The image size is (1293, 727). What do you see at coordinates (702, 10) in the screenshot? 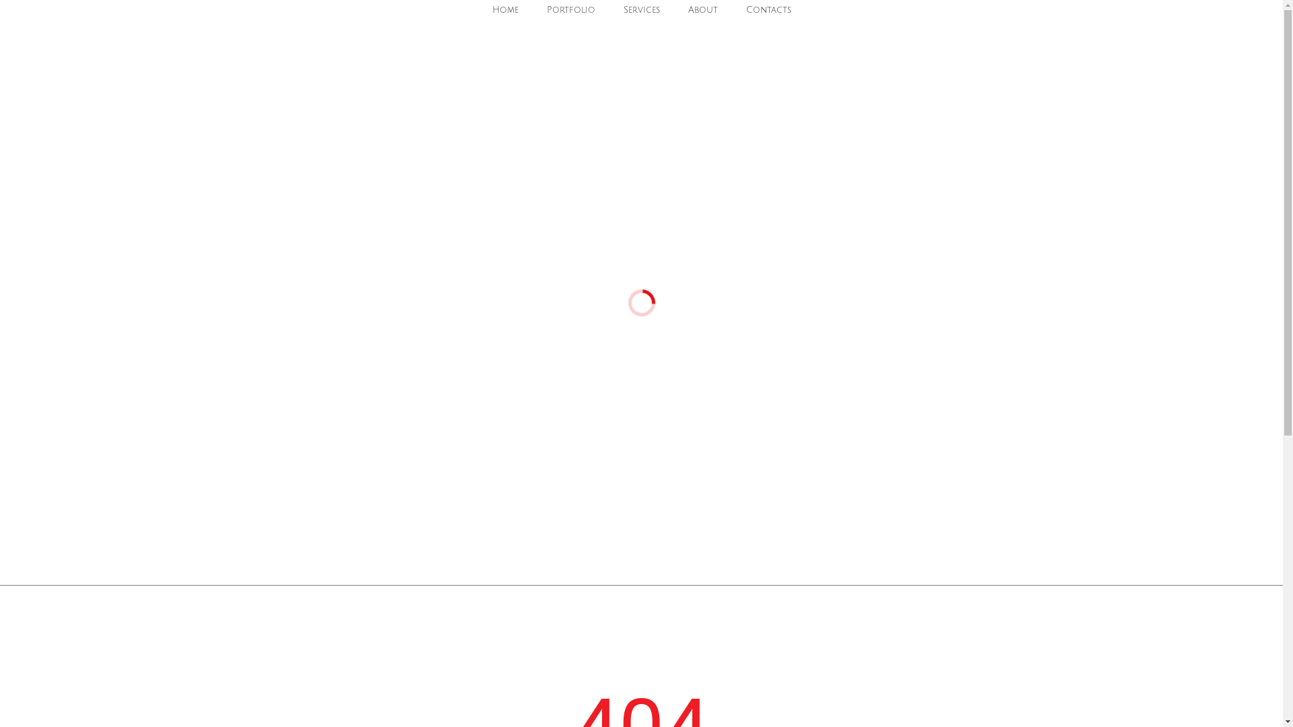
I see `'About'` at bounding box center [702, 10].